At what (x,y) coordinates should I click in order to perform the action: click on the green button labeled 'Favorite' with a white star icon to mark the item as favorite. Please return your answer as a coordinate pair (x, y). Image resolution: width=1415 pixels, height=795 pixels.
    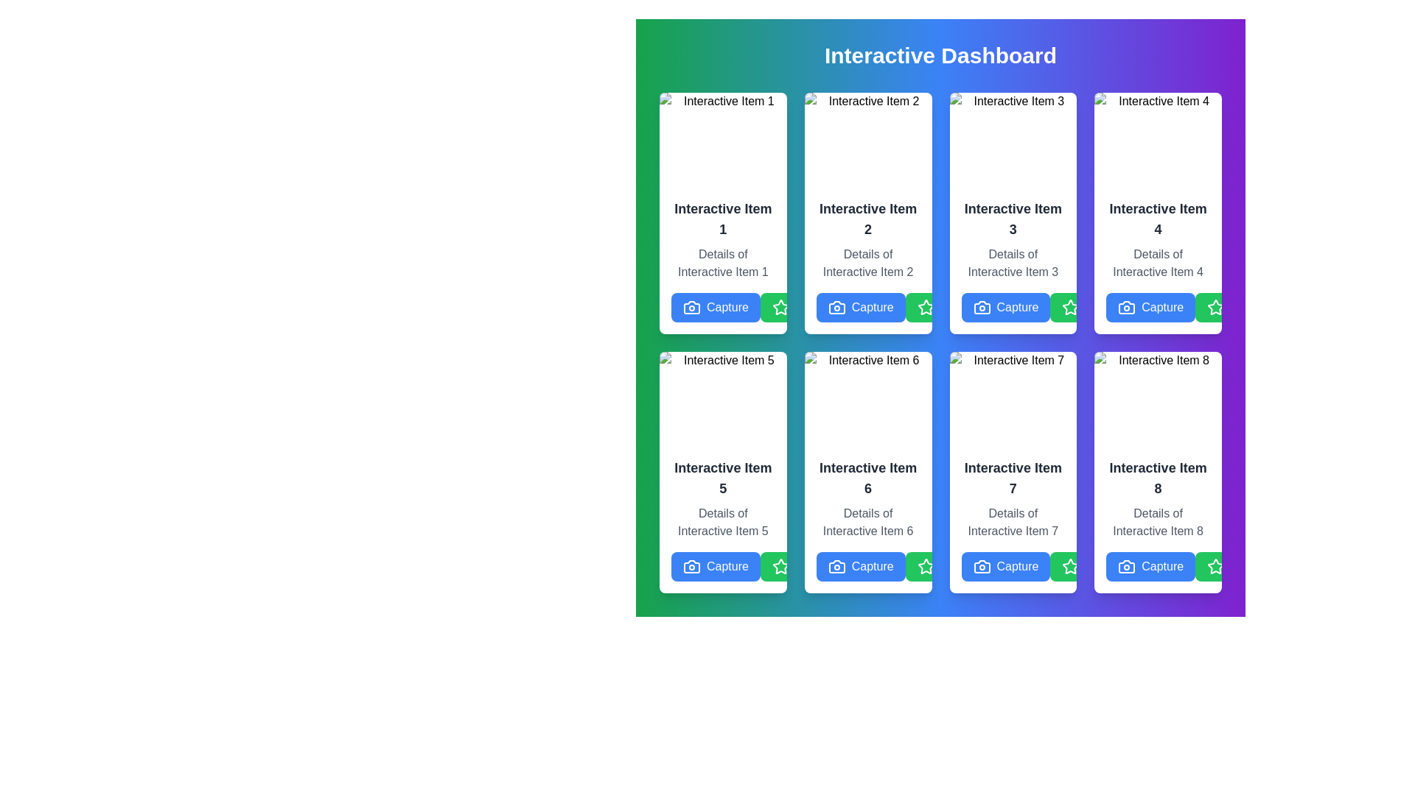
    Looking at the image, I should click on (804, 306).